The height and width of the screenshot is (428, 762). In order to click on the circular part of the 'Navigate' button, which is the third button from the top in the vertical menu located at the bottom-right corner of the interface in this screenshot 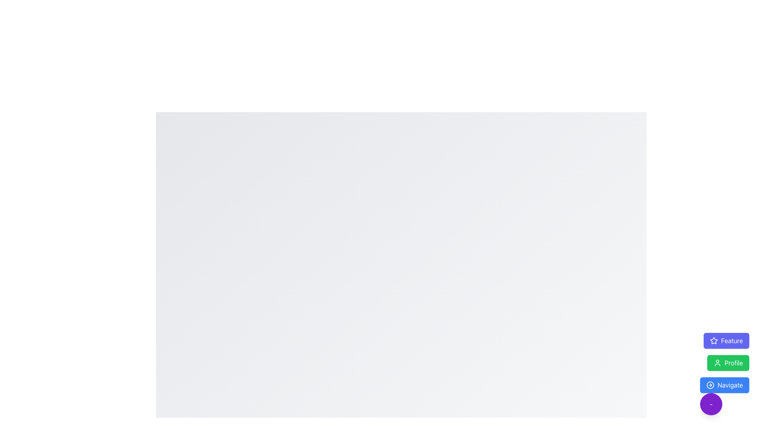, I will do `click(710, 385)`.